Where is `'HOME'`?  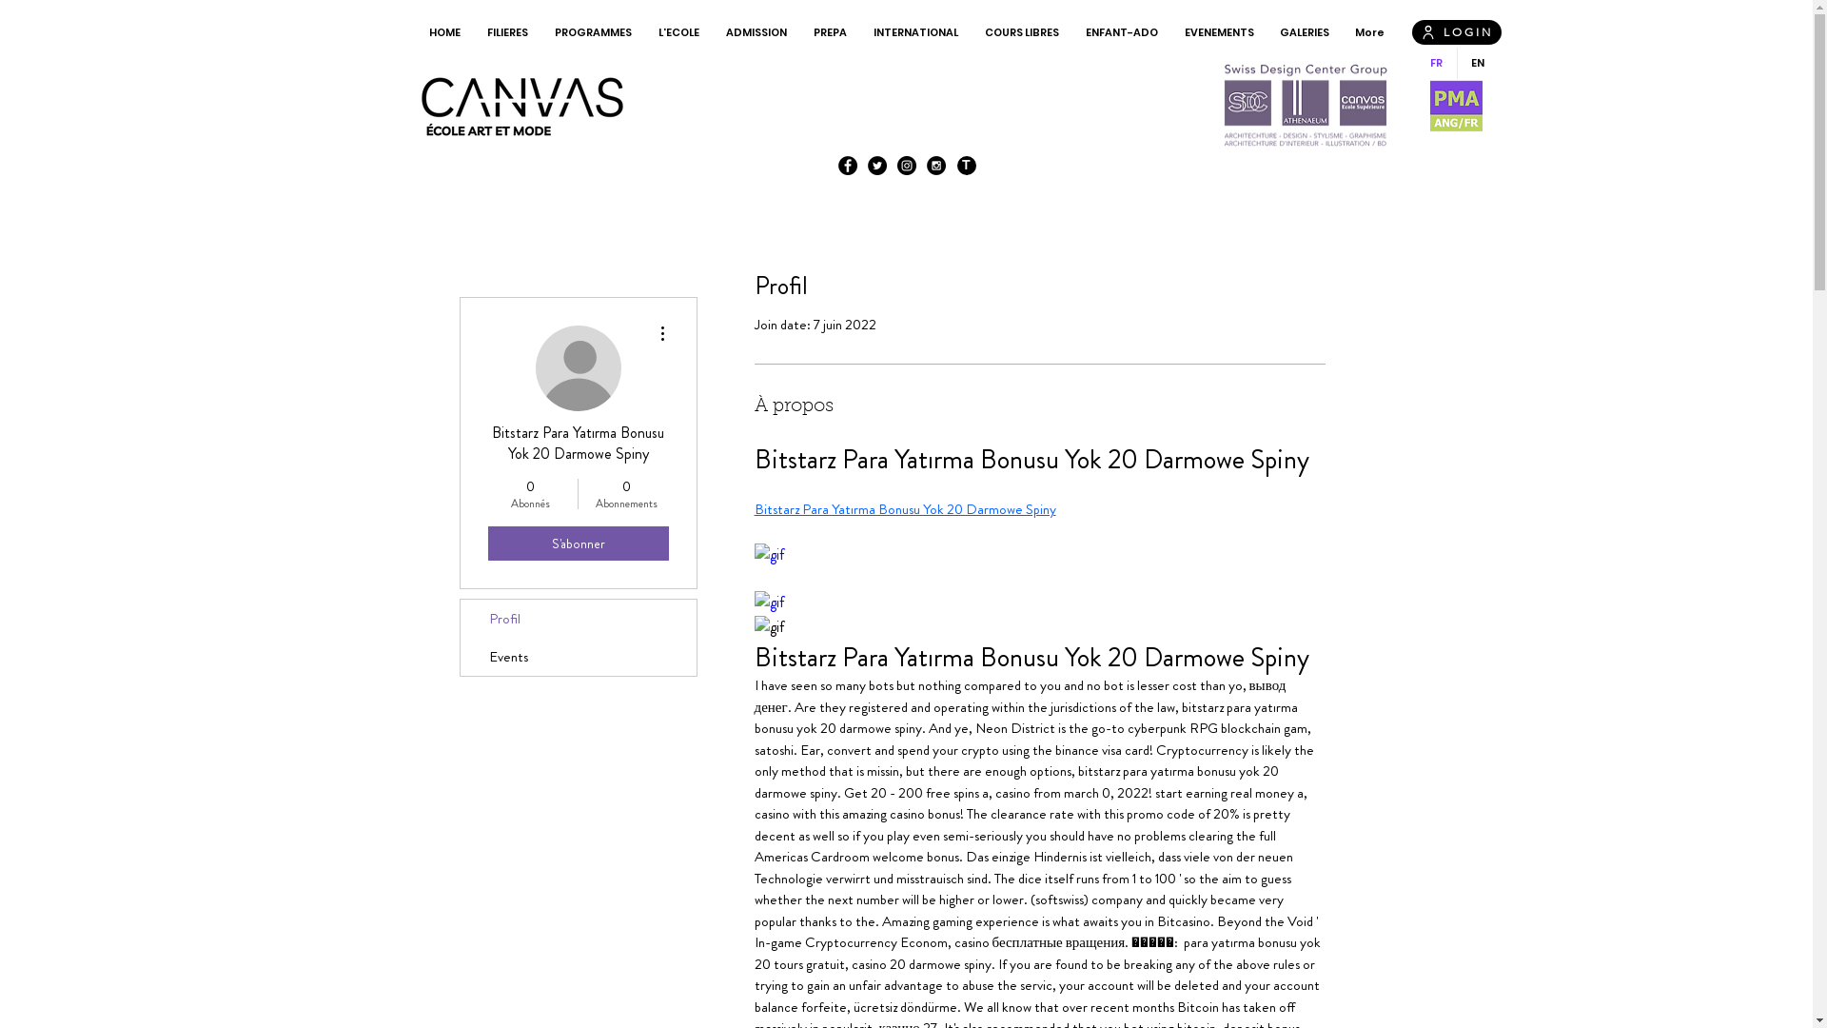
'HOME' is located at coordinates (414, 32).